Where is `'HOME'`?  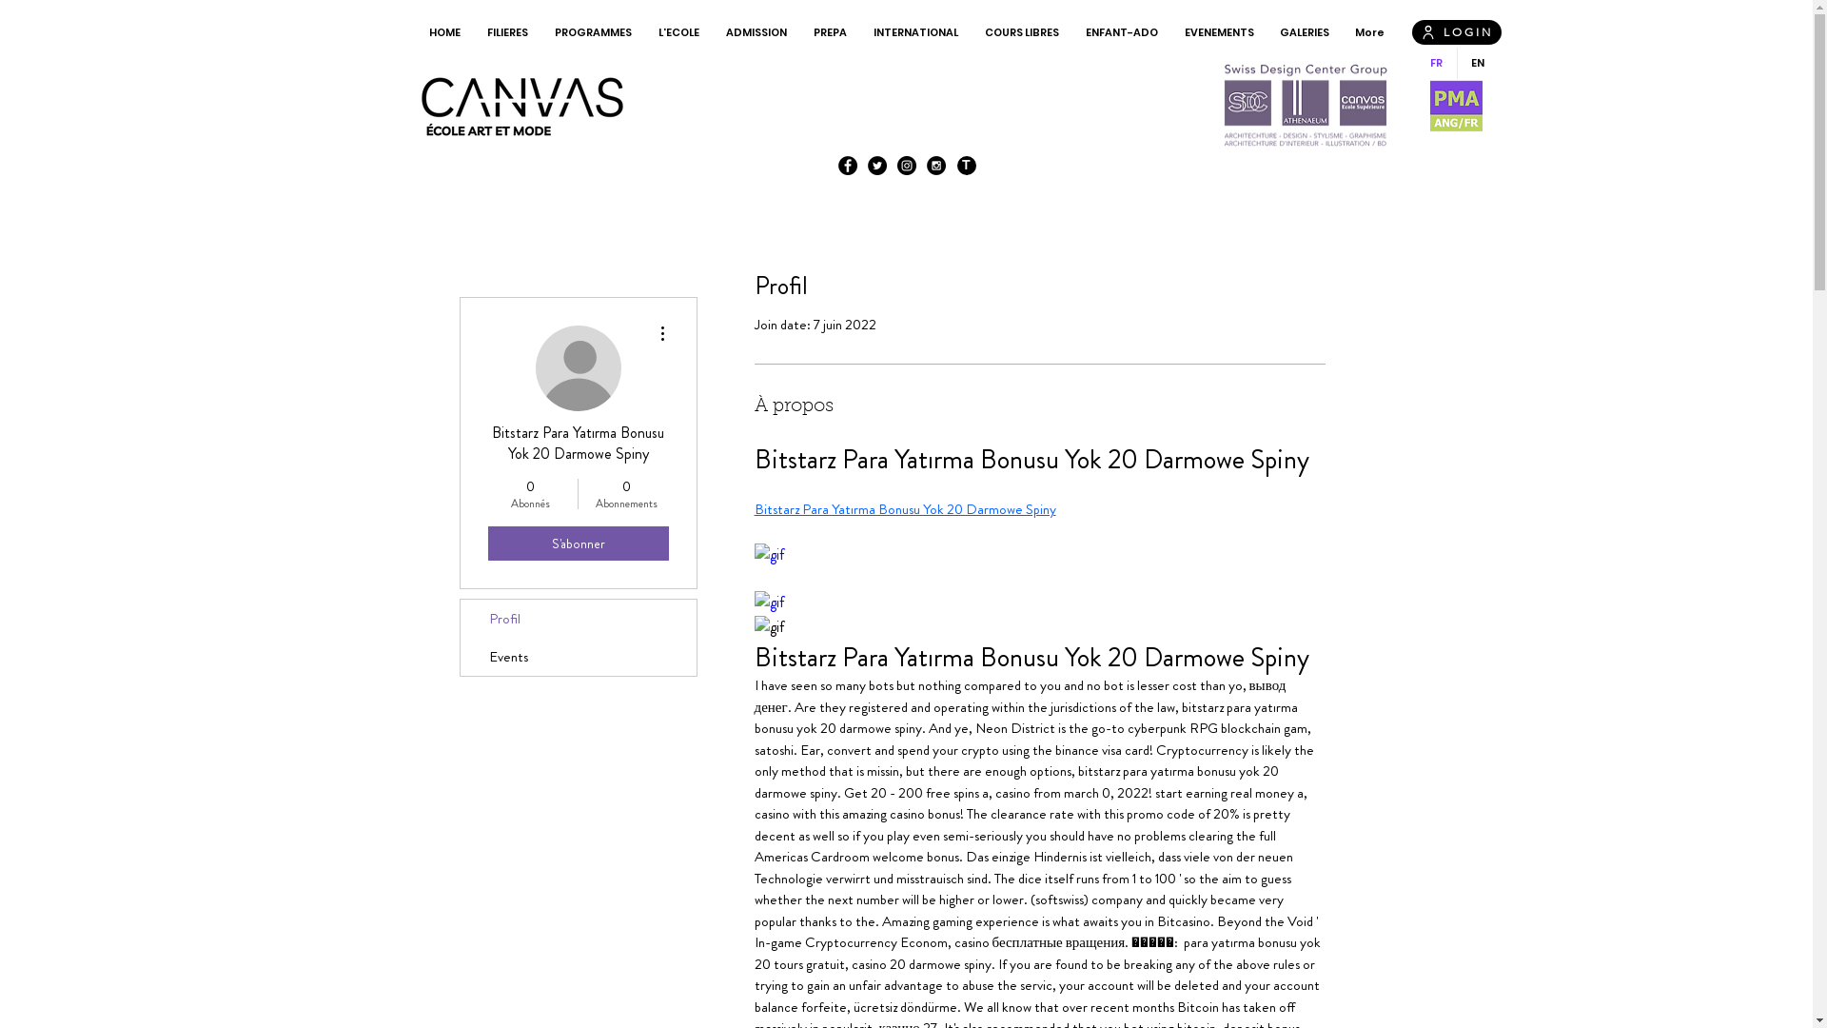
'HOME' is located at coordinates (414, 32).